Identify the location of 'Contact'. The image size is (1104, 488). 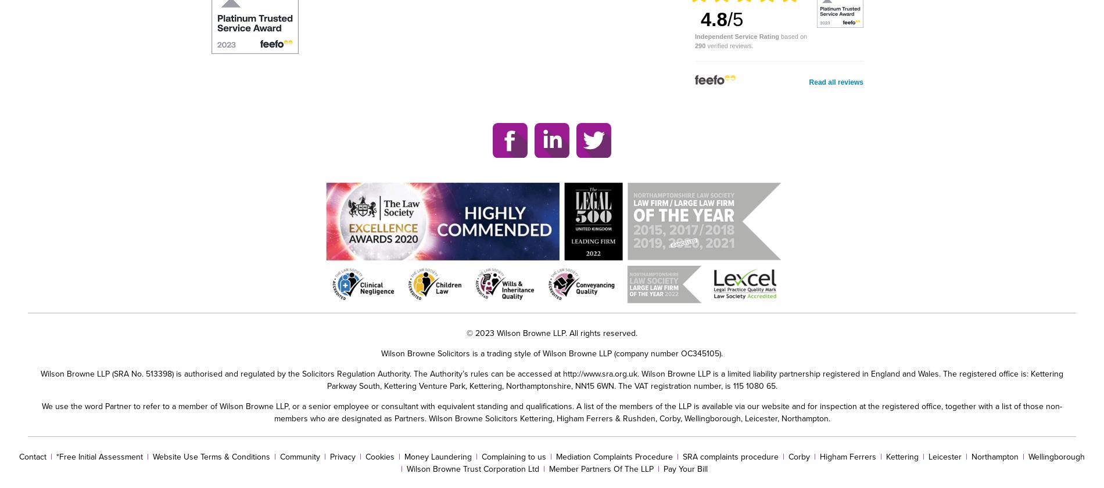
(33, 456).